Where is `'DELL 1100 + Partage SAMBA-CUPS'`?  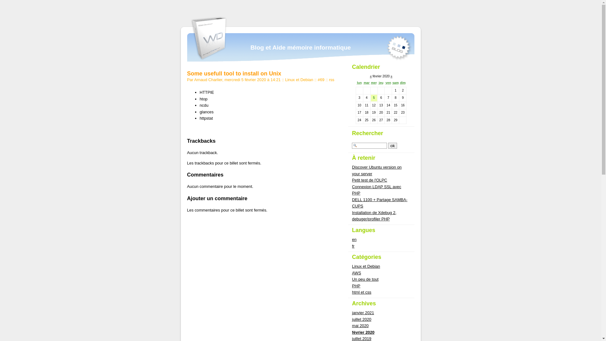 'DELL 1100 + Partage SAMBA-CUPS' is located at coordinates (351, 203).